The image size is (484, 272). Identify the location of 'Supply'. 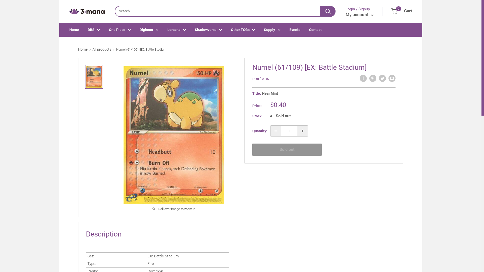
(272, 30).